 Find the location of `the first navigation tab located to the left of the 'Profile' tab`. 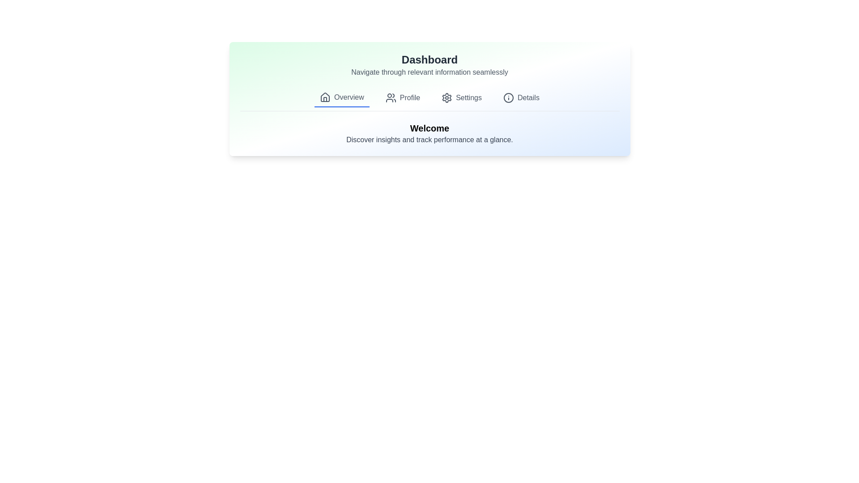

the first navigation tab located to the left of the 'Profile' tab is located at coordinates (341, 98).